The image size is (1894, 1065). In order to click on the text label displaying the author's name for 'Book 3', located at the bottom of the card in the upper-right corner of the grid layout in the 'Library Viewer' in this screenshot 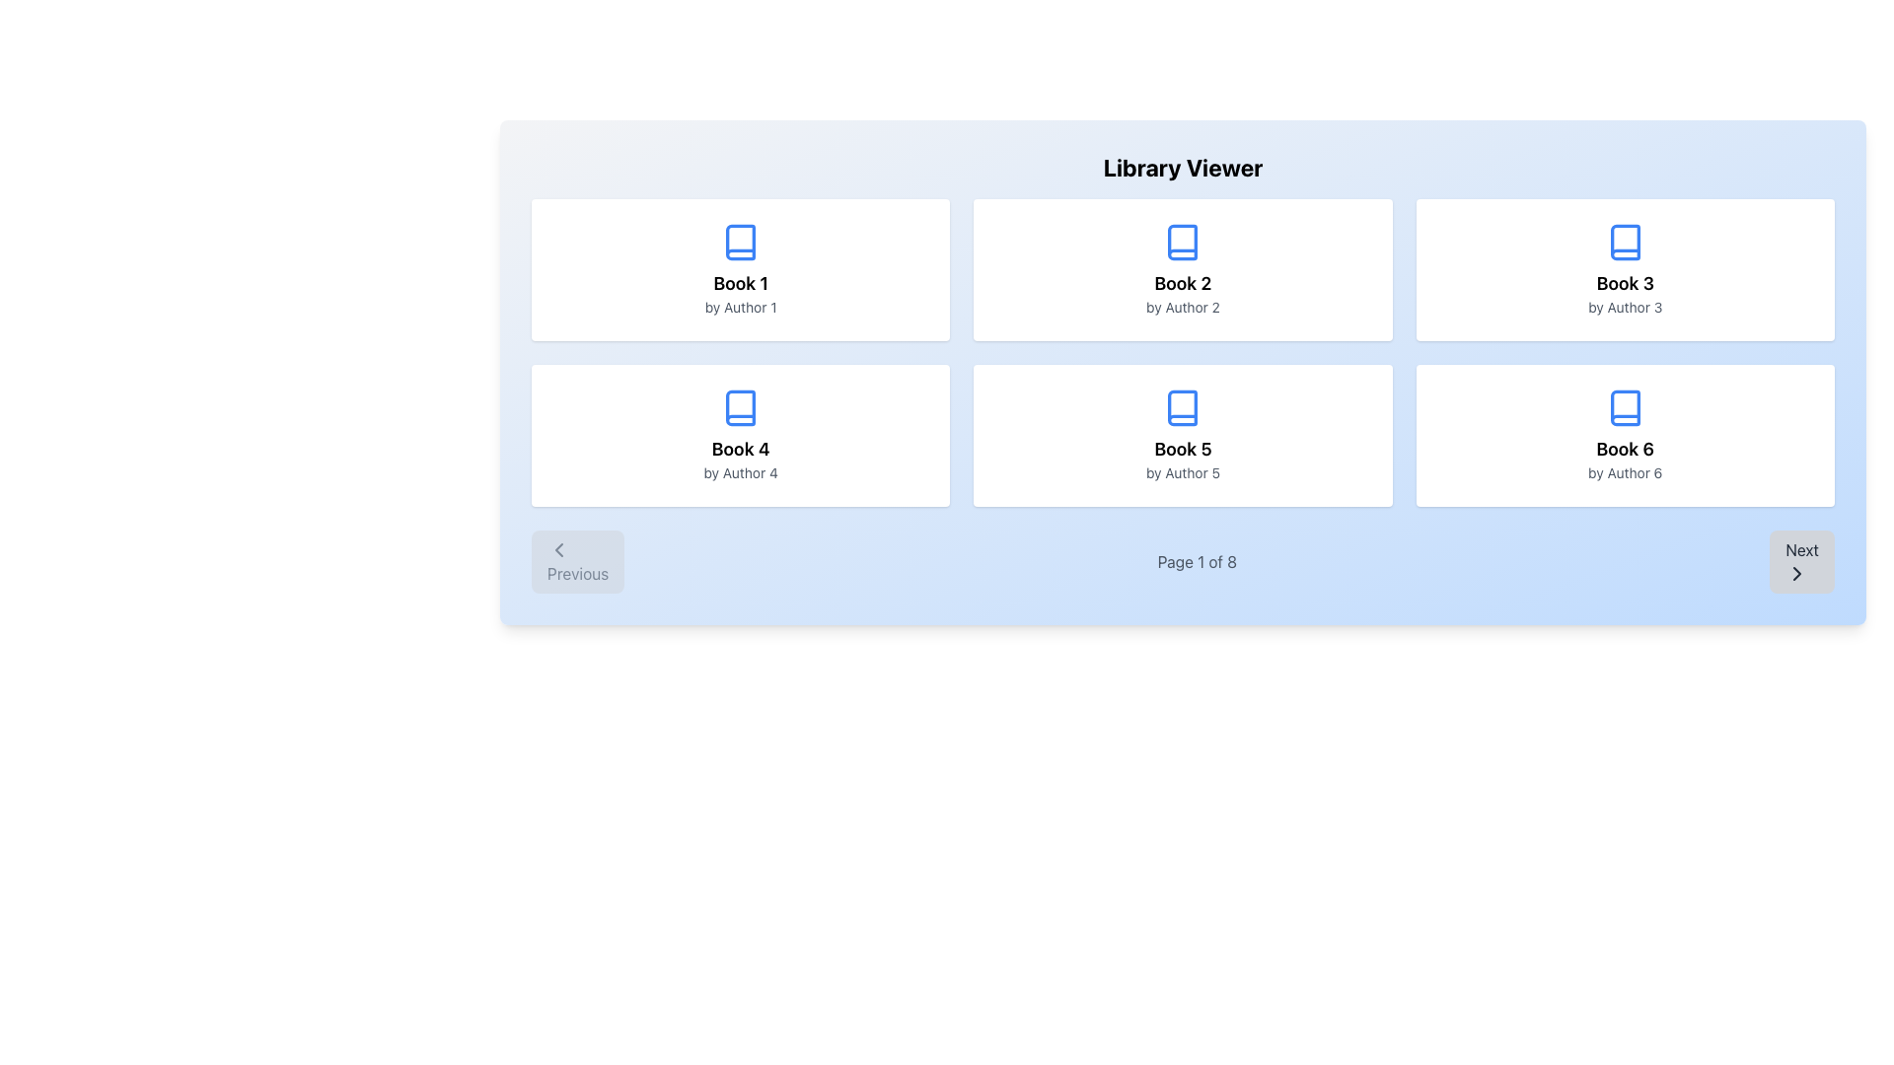, I will do `click(1625, 308)`.